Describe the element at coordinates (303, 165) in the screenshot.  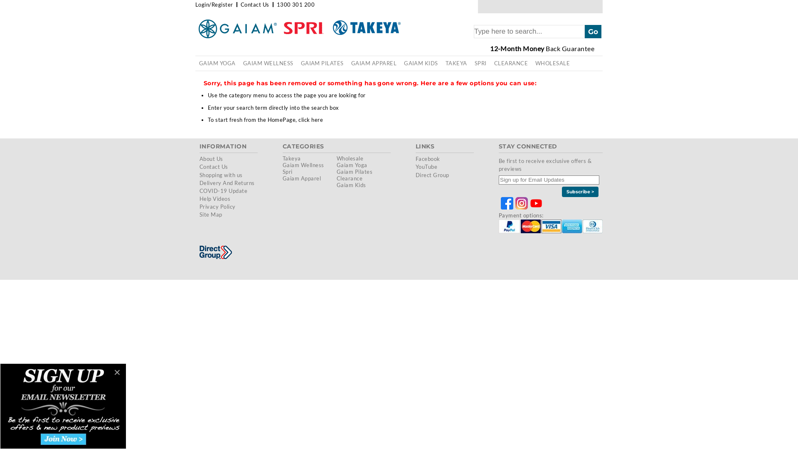
I see `'Gaiam Wellness'` at that location.